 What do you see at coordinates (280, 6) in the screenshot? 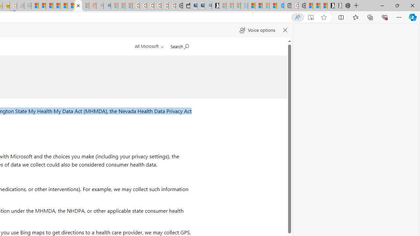
I see `'Home | Sky Blue Bikes - Sky Blue Bikes'` at bounding box center [280, 6].